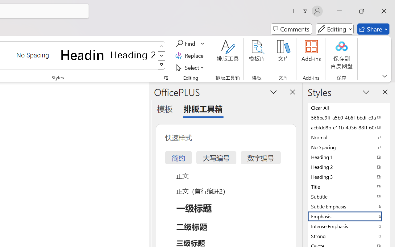  What do you see at coordinates (349, 206) in the screenshot?
I see `'Subtle Emphasis'` at bounding box center [349, 206].